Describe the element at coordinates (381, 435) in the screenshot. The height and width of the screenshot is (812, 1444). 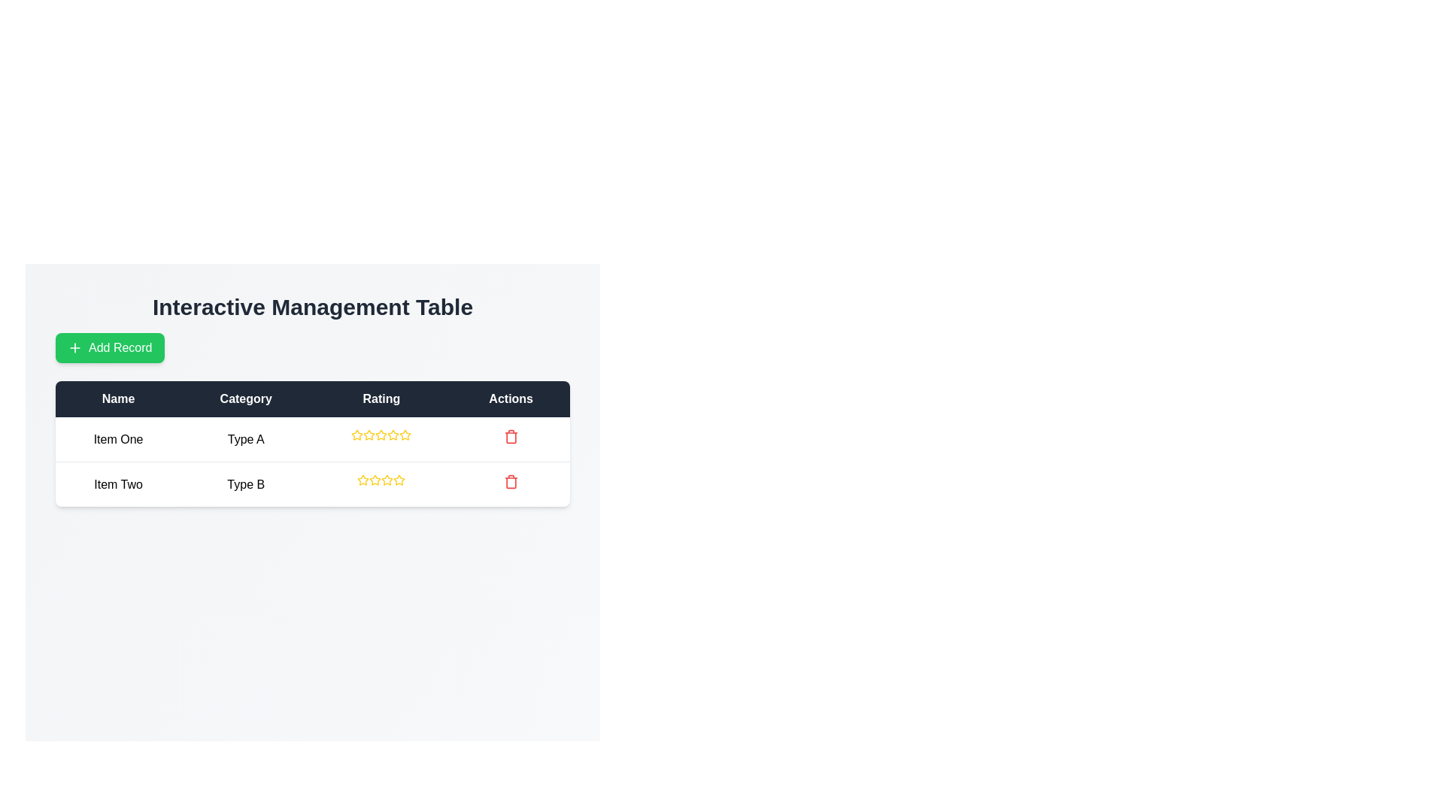
I see `the interactive star icons of the Rating component for 'Item One' in the first row and 'Type A' category` at that location.